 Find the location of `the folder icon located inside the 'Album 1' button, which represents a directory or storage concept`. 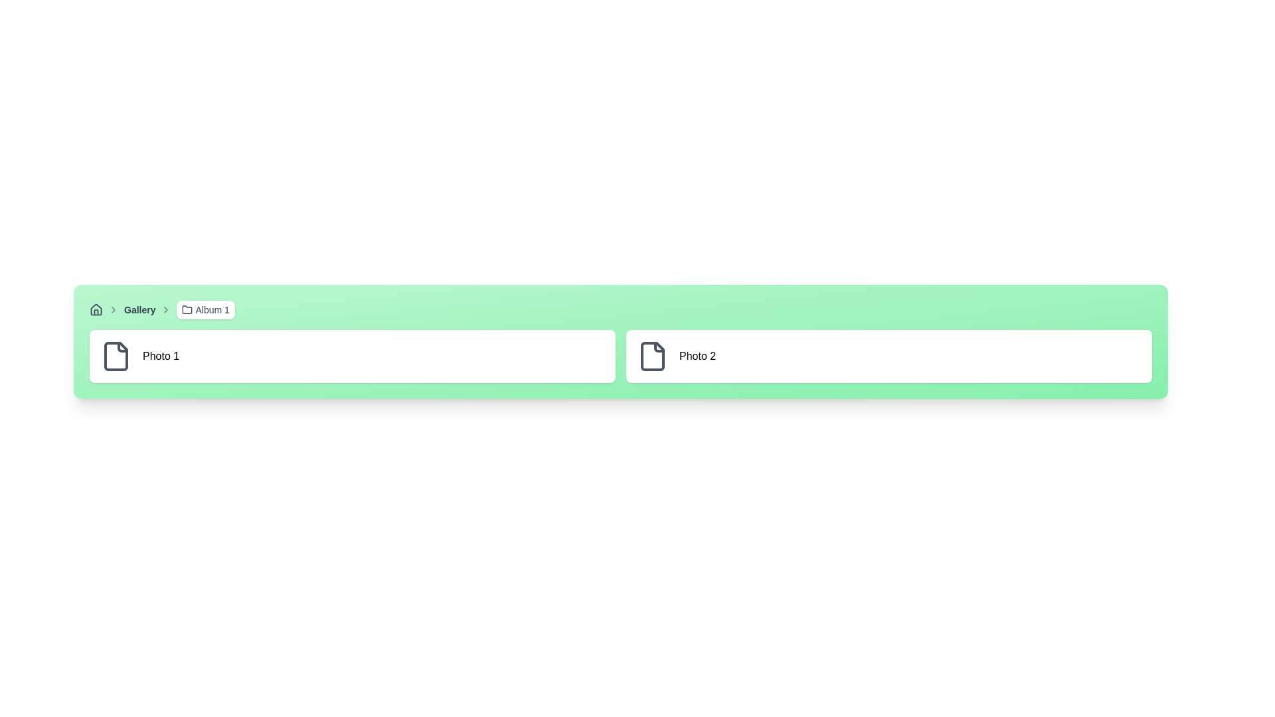

the folder icon located inside the 'Album 1' button, which represents a directory or storage concept is located at coordinates (187, 309).